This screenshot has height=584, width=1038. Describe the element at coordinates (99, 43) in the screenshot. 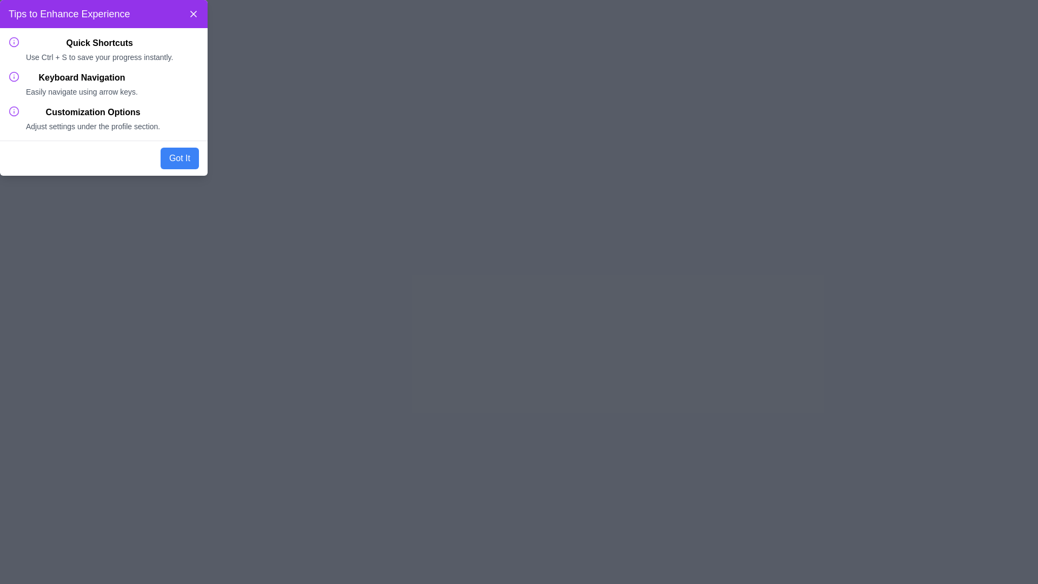

I see `the text headline 'Quick Shortcuts', which is styled bold and slightly larger, located at the top left of the popup titled 'Tips to Enhance Experience'` at that location.